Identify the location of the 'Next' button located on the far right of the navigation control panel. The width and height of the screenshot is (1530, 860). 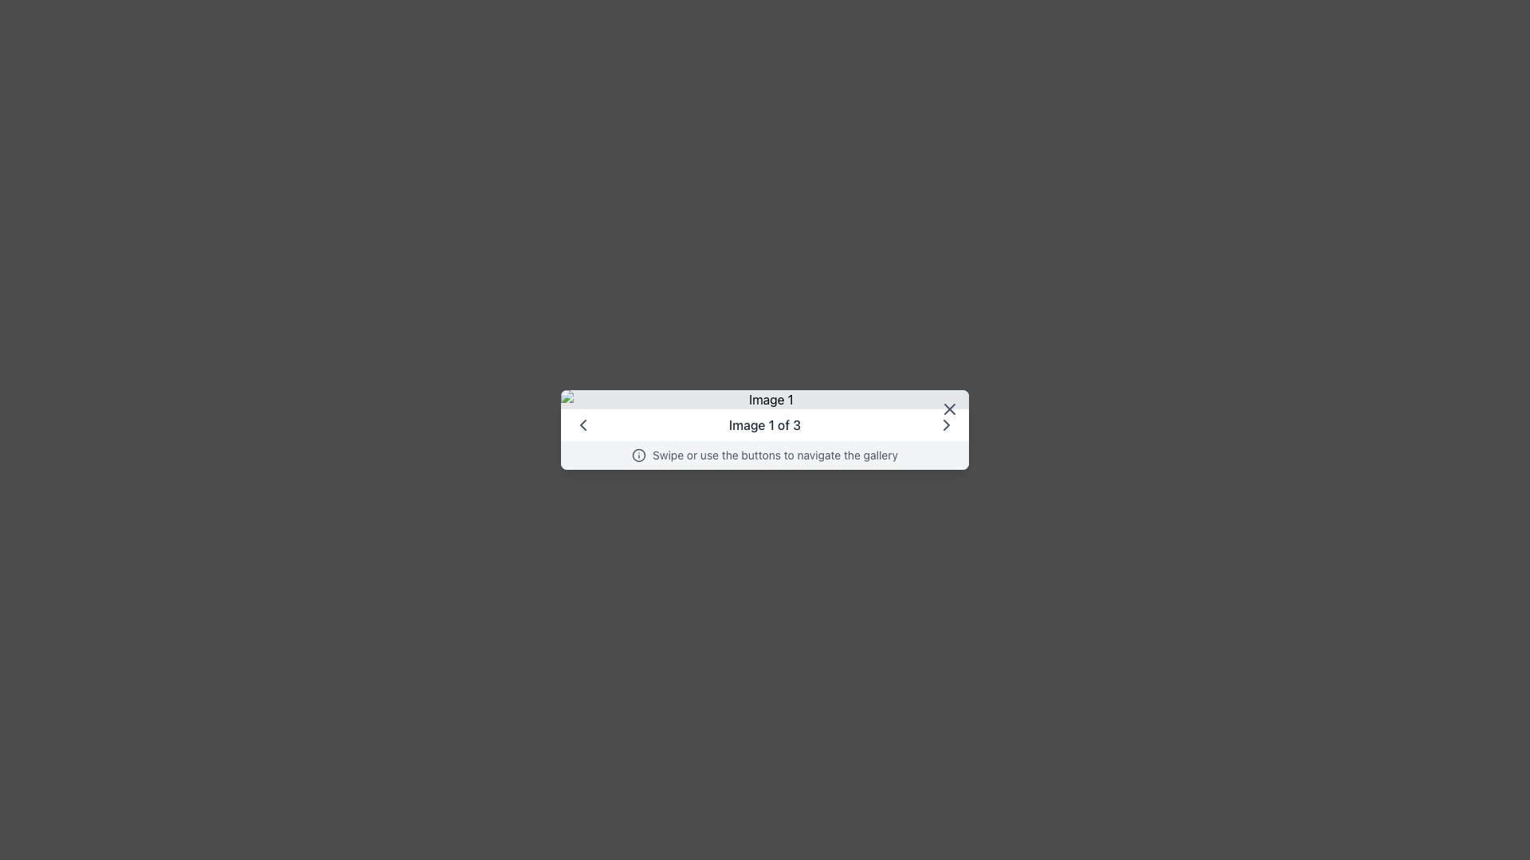
(947, 424).